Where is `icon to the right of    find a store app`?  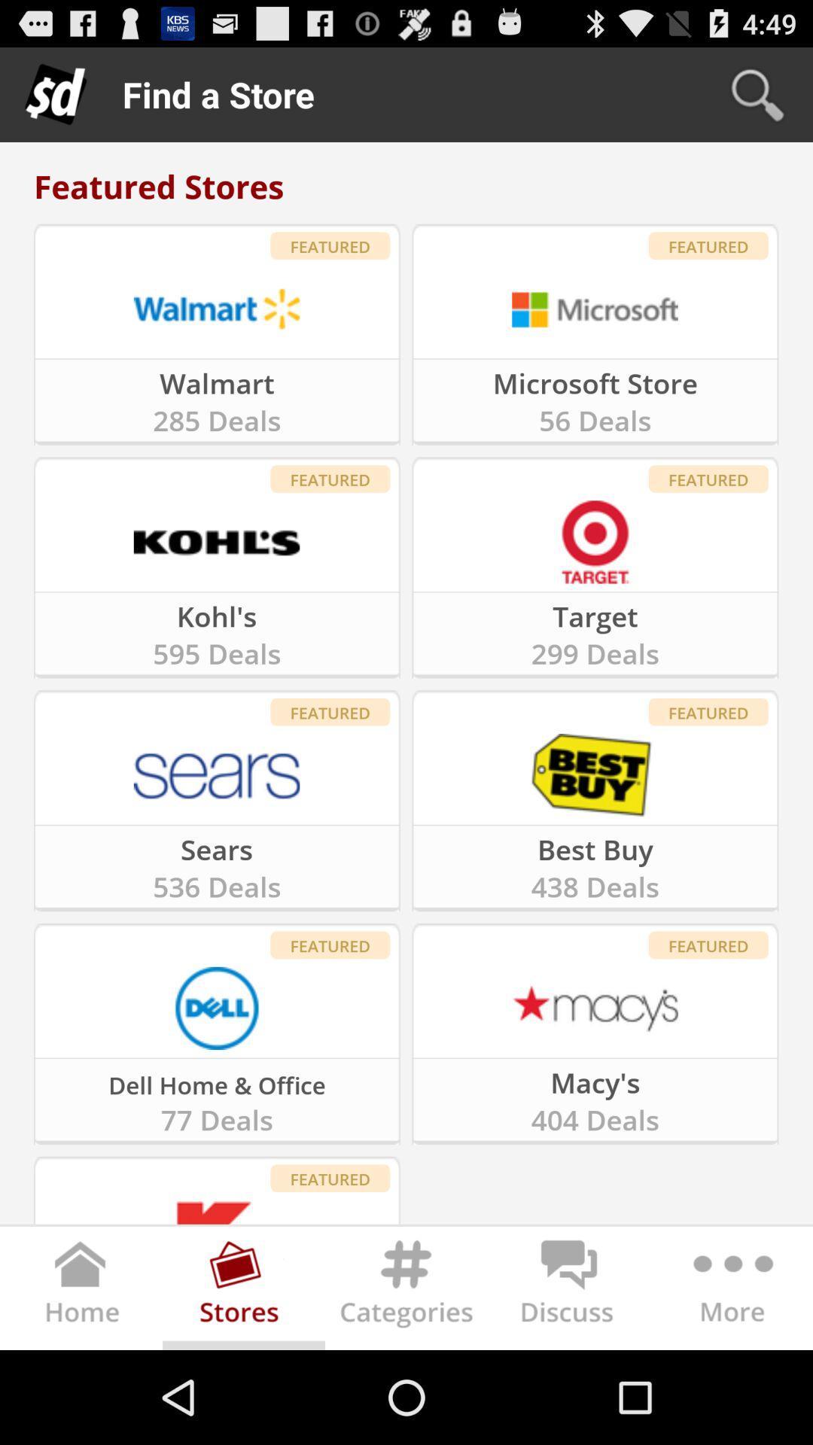 icon to the right of    find a store app is located at coordinates (757, 93).